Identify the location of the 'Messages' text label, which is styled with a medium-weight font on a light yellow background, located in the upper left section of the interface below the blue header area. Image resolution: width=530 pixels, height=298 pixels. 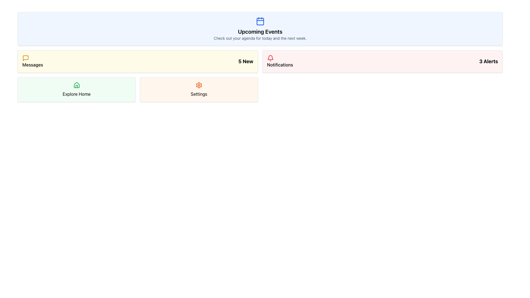
(32, 65).